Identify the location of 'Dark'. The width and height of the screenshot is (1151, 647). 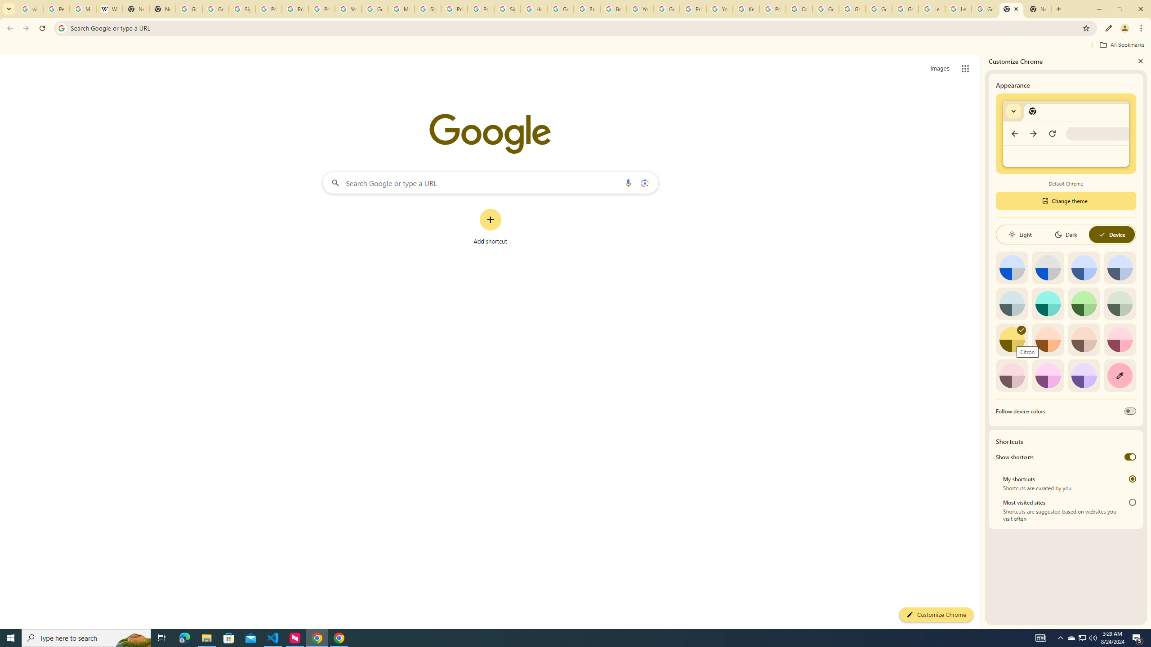
(1065, 234).